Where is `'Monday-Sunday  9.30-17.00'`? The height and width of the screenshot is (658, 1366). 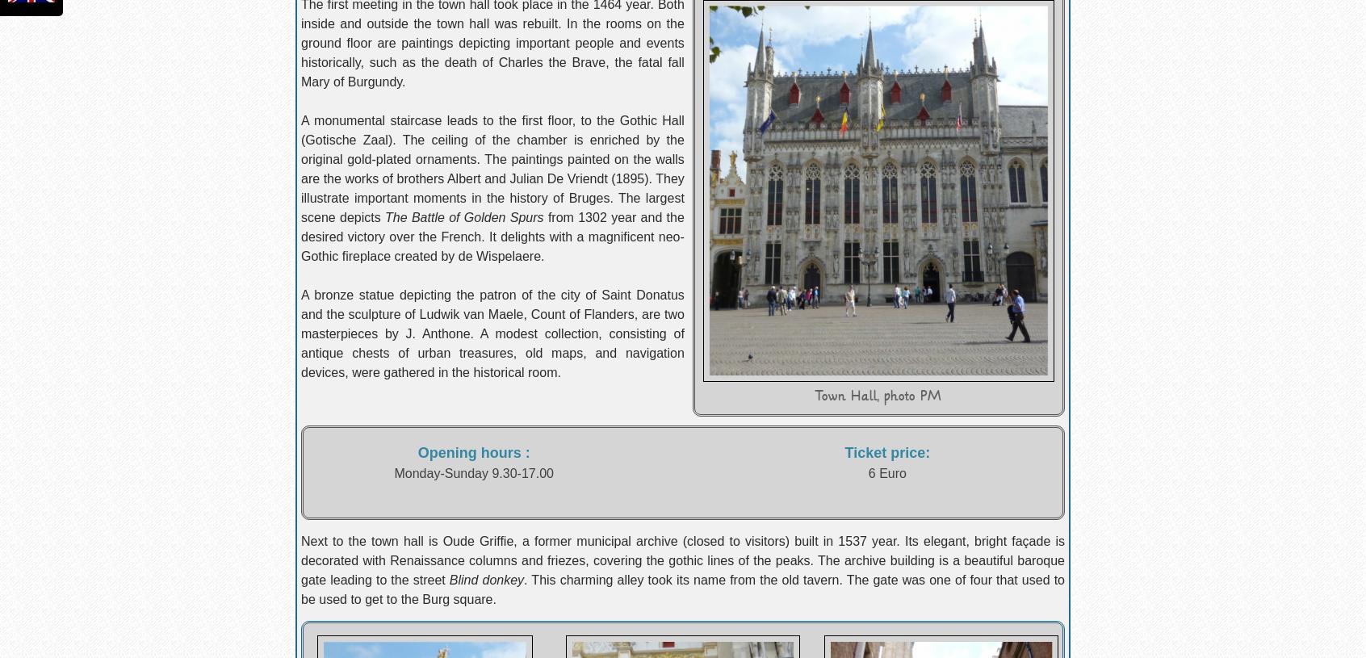 'Monday-Sunday  9.30-17.00' is located at coordinates (392, 472).